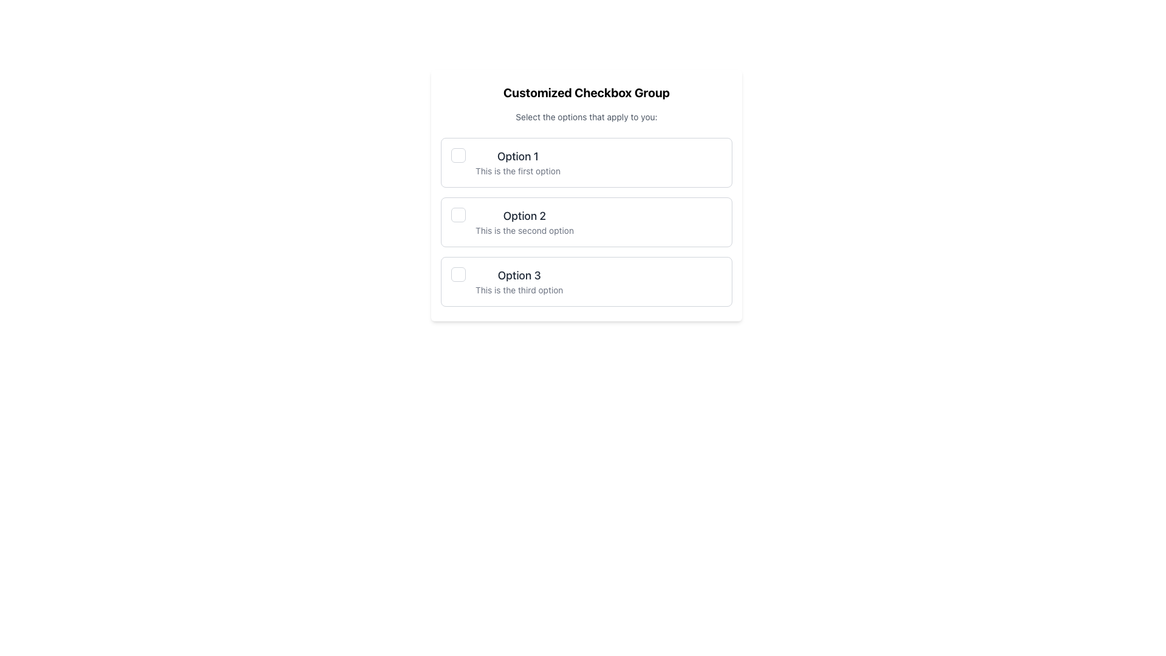  What do you see at coordinates (586, 117) in the screenshot?
I see `the instruction text label that guides users to interact with the options below it, positioned below the title 'Customized Checkbox Group'` at bounding box center [586, 117].